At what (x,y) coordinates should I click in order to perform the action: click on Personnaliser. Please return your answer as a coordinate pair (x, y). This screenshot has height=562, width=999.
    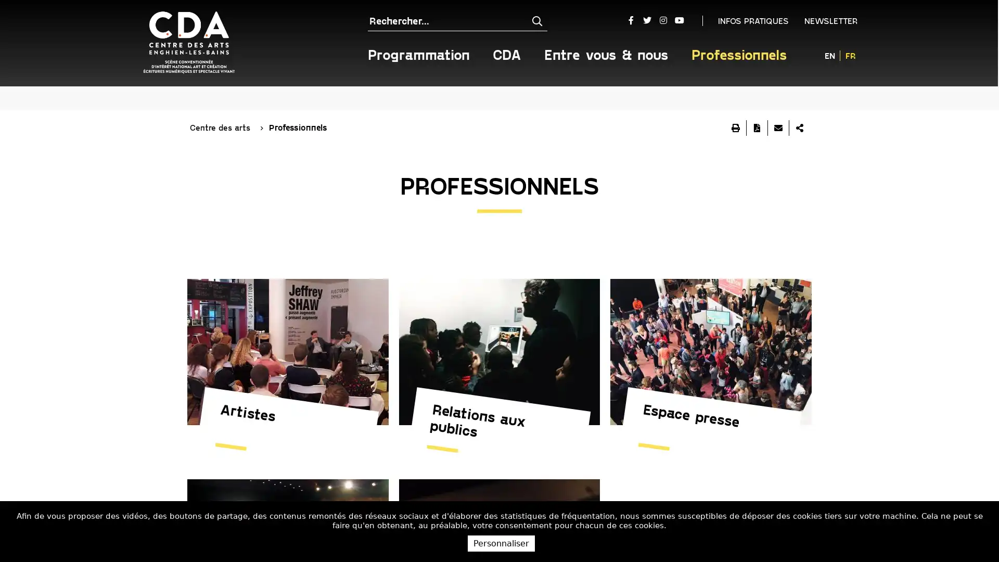
    Looking at the image, I should click on (501, 543).